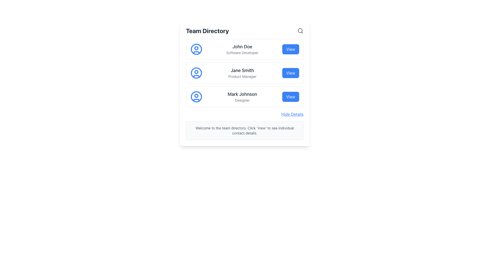  I want to click on the circular icon representing the user profile of Jane Smith, which is visually centered within the profile avatar graphic, so click(196, 73).